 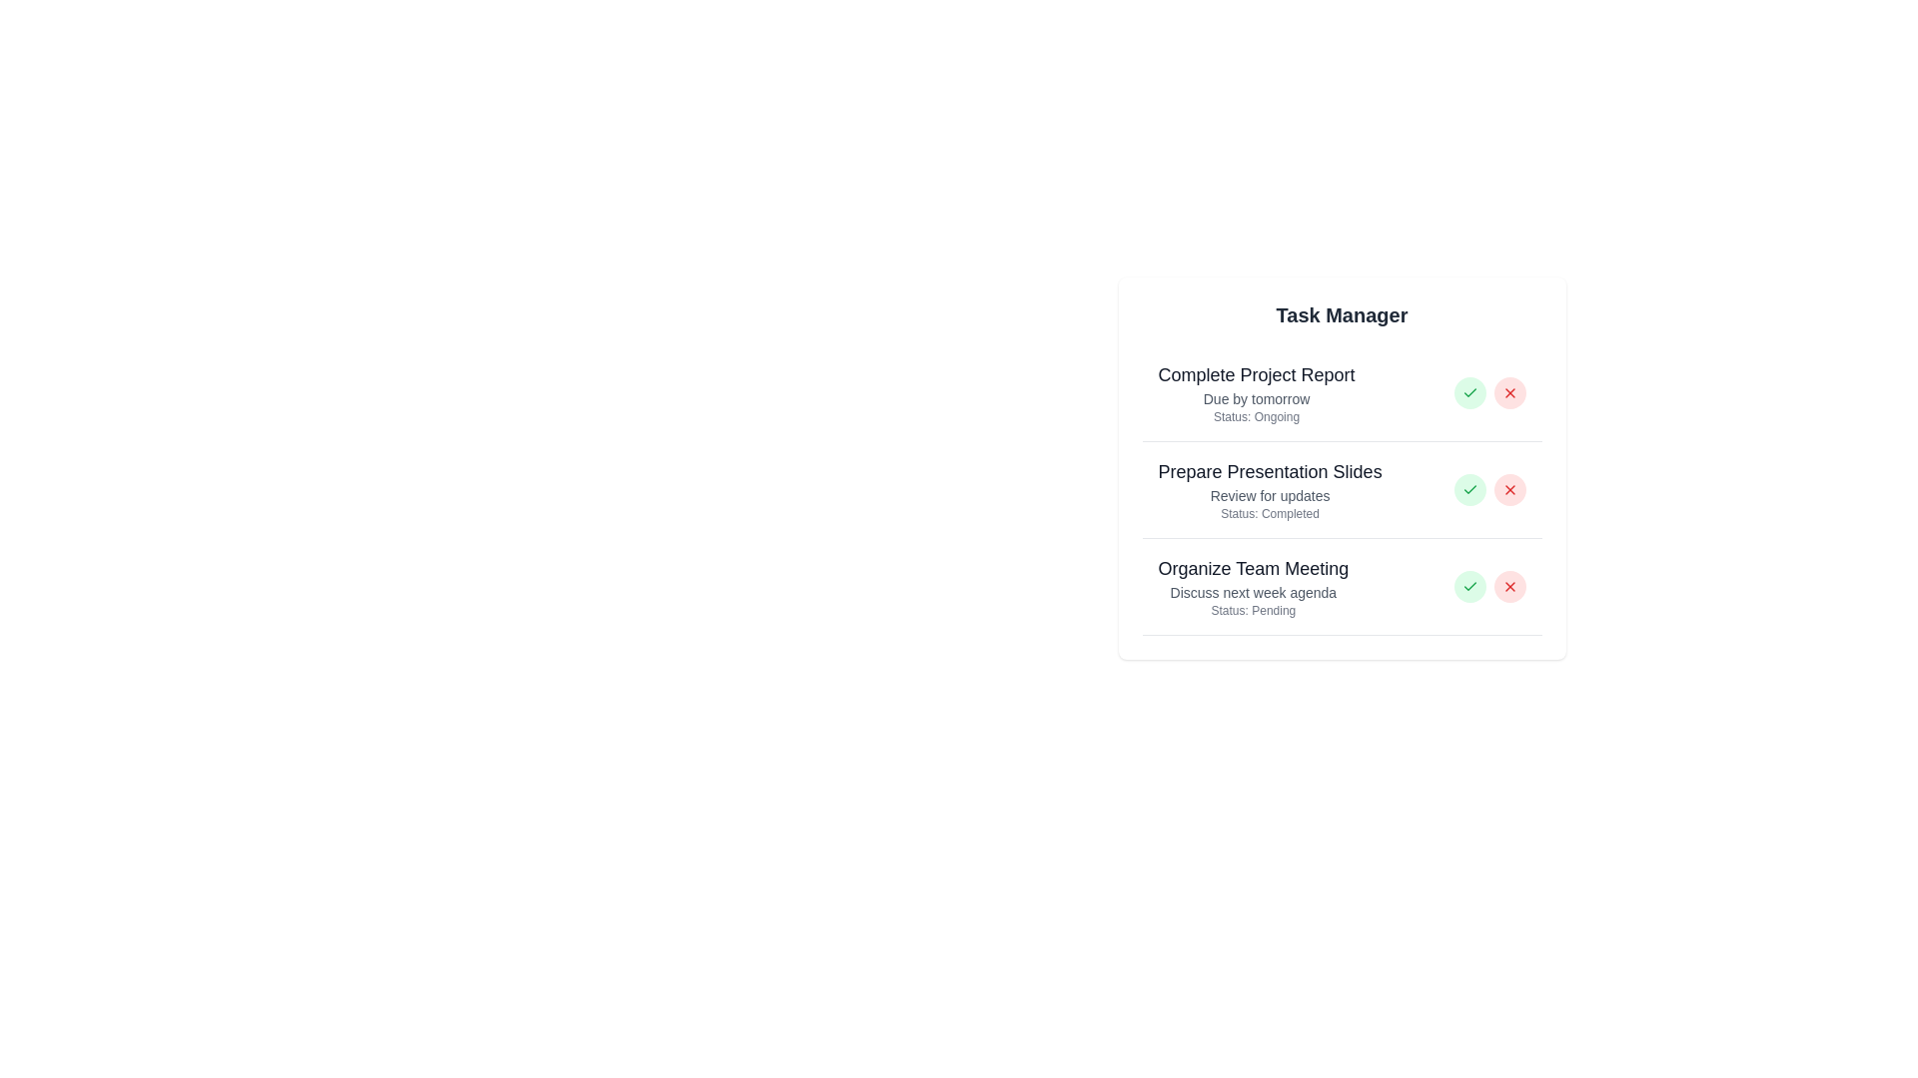 I want to click on the circular red button with a white 'X' icon, which is the second button in the task list, so click(x=1509, y=585).